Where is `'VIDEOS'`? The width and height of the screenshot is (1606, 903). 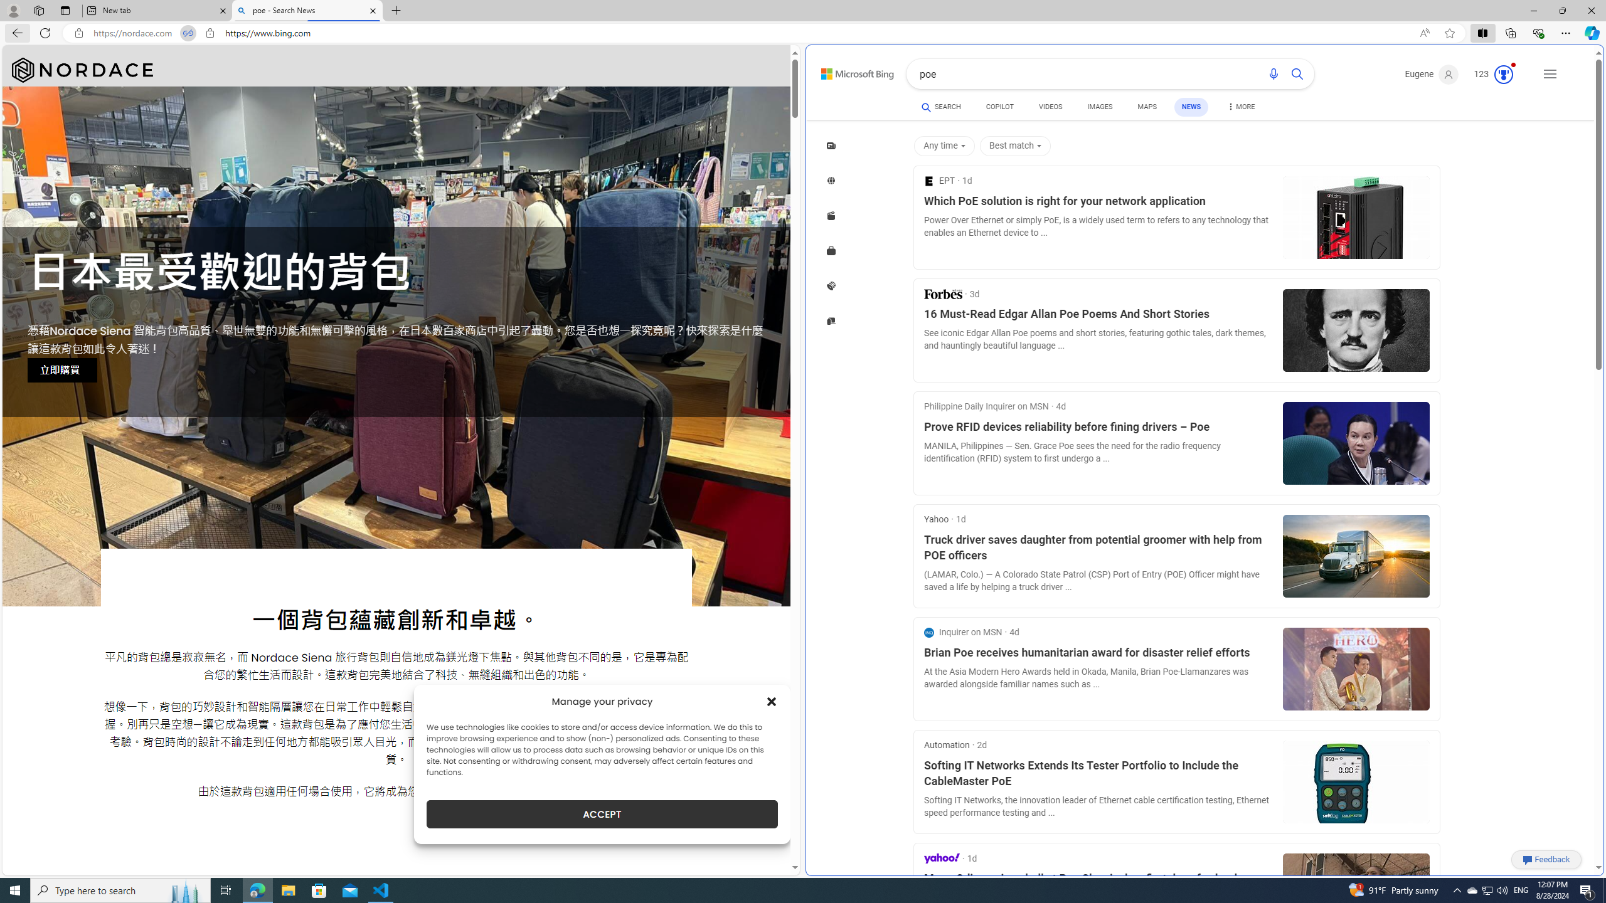
'VIDEOS' is located at coordinates (1050, 106).